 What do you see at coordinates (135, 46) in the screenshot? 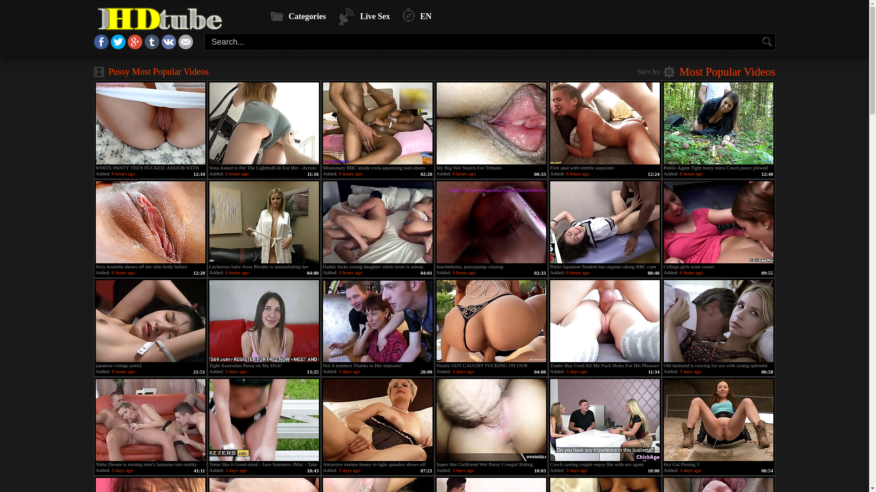
I see `'Share on Google+'` at bounding box center [135, 46].